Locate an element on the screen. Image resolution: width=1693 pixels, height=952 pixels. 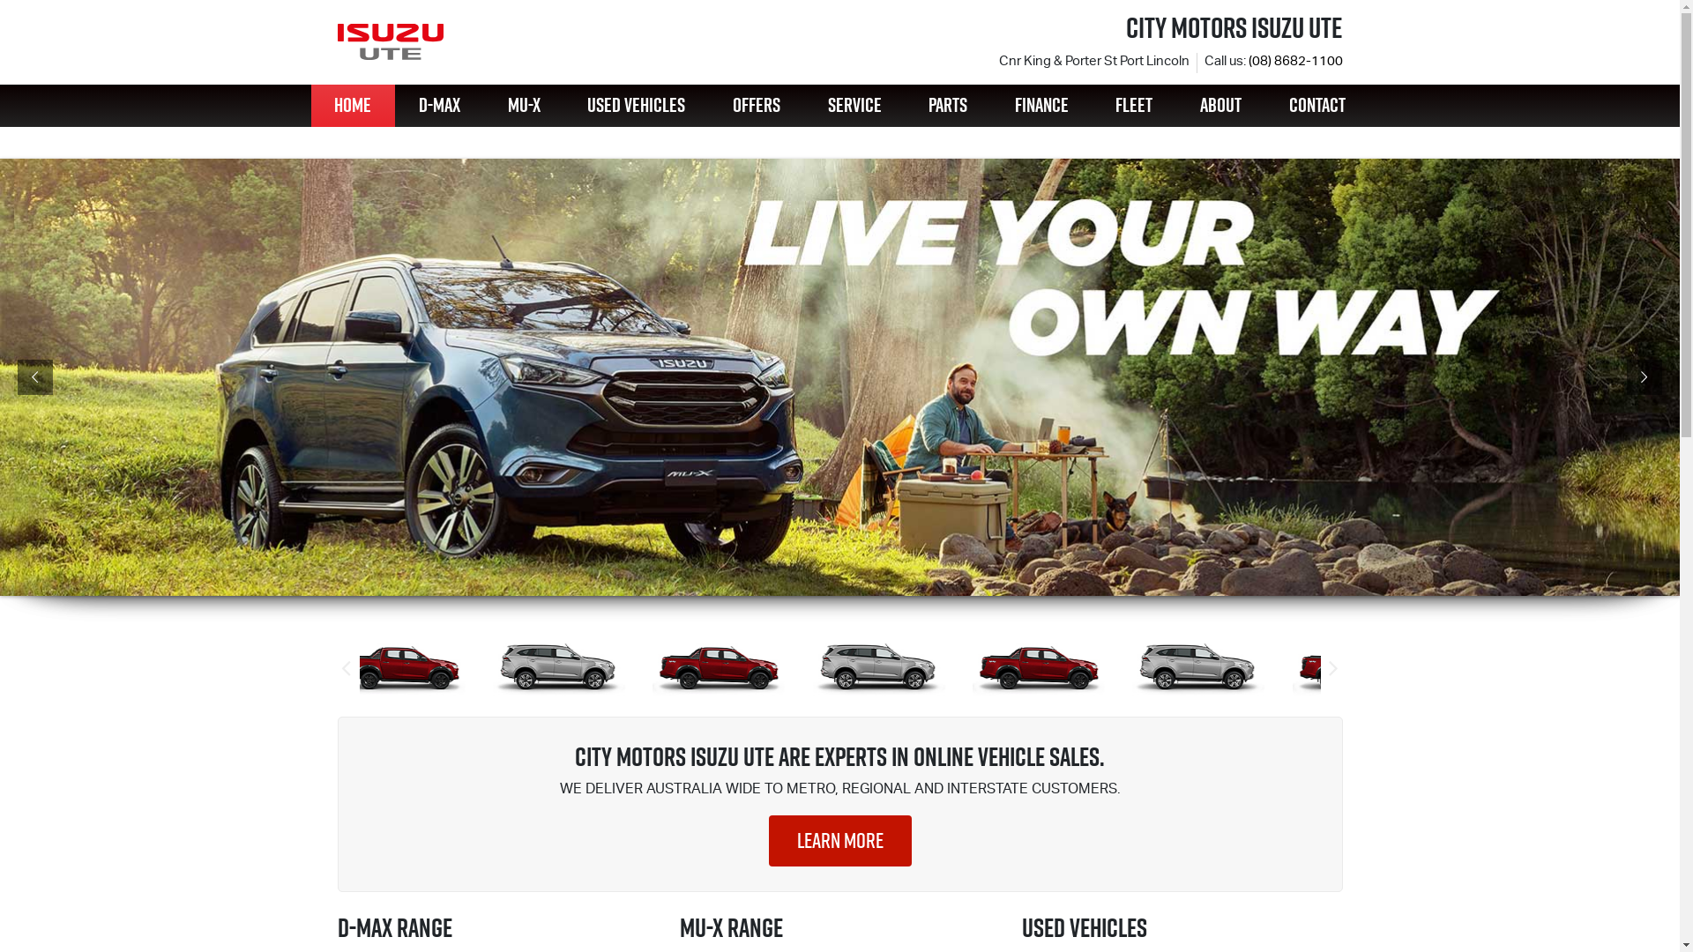
'FINANCE' is located at coordinates (990, 105).